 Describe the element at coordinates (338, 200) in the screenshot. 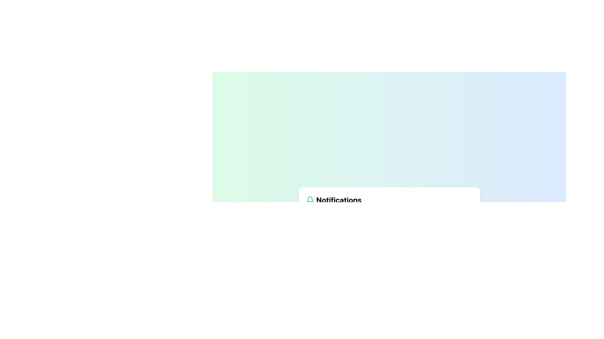

I see `the notification section based on the 'Notifications' text label, which is styled in bold, large font` at that location.